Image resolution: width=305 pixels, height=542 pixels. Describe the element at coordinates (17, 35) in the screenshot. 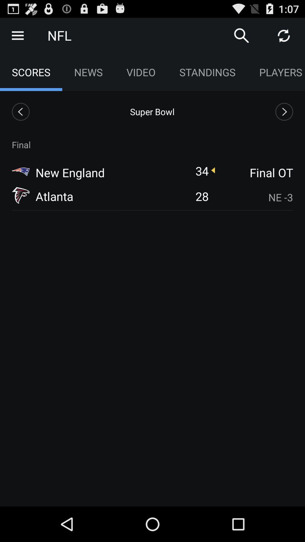

I see `open menu` at that location.